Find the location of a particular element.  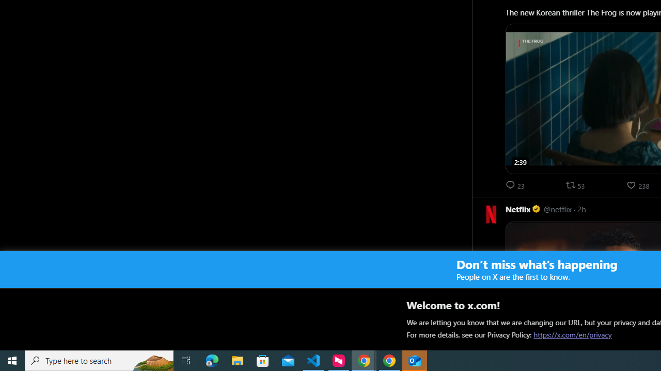

'https://x.com/en/privacy' is located at coordinates (572, 334).